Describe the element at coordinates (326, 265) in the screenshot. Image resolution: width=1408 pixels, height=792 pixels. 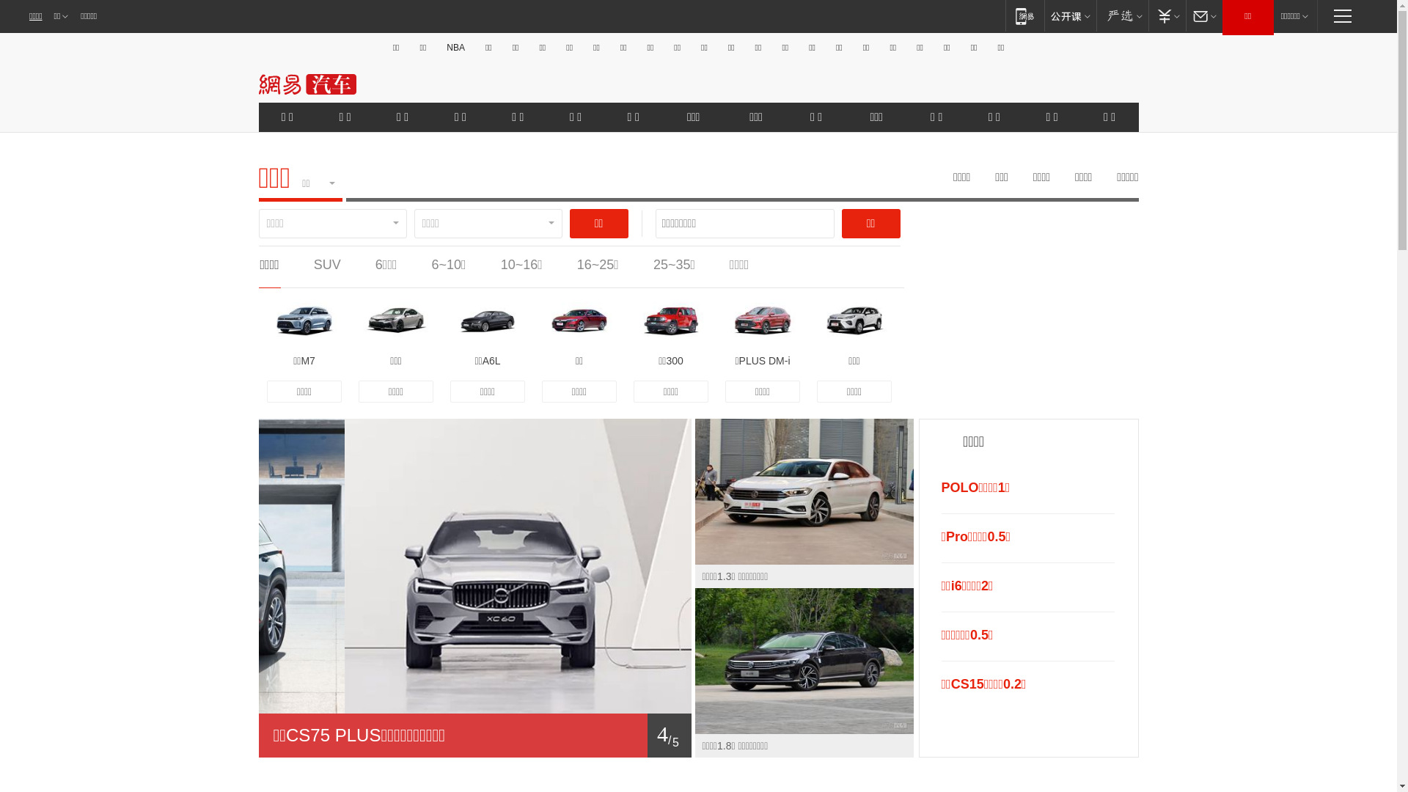
I see `'SUV'` at that location.